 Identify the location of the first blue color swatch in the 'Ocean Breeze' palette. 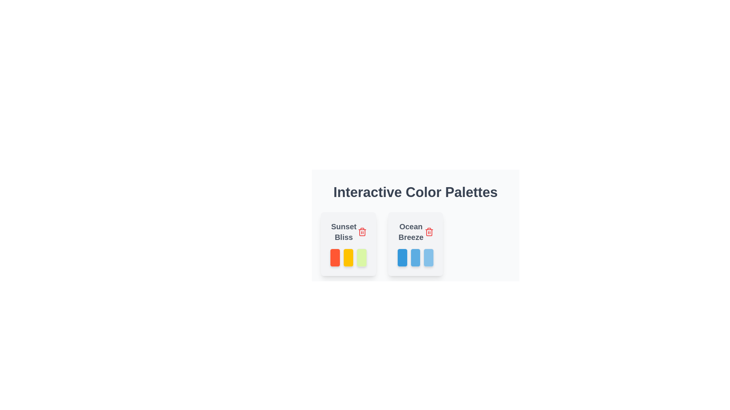
(402, 257).